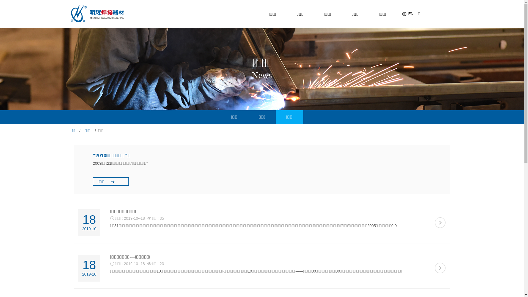 This screenshot has height=297, width=528. I want to click on 'EN', so click(408, 13).